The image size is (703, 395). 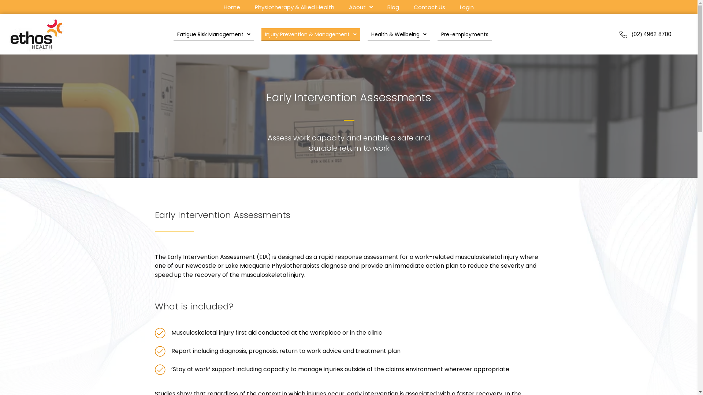 What do you see at coordinates (456, 8) in the screenshot?
I see `'Login'` at bounding box center [456, 8].